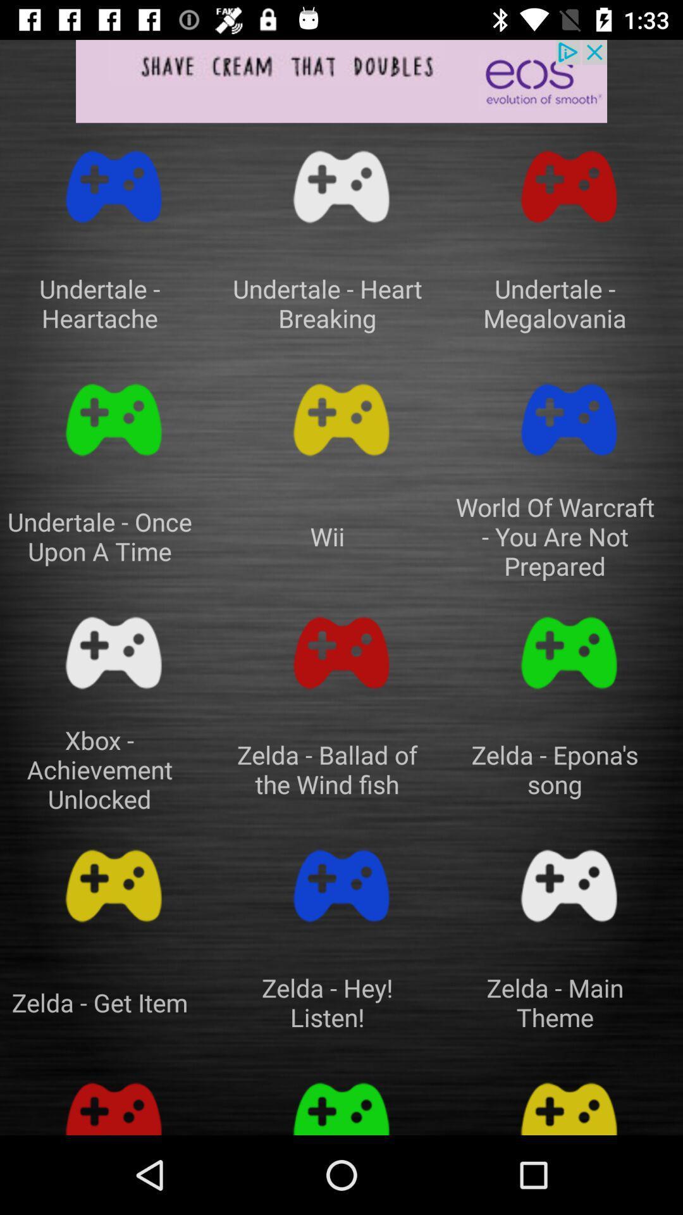 Image resolution: width=683 pixels, height=1215 pixels. What do you see at coordinates (114, 186) in the screenshot?
I see `song` at bounding box center [114, 186].